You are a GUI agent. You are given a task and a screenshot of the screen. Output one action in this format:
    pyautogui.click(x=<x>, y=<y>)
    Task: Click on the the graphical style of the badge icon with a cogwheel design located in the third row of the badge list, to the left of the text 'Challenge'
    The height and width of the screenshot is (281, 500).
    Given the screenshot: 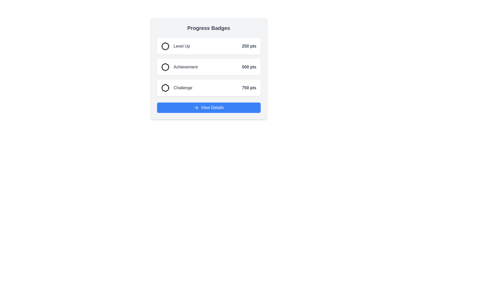 What is the action you would take?
    pyautogui.click(x=165, y=88)
    